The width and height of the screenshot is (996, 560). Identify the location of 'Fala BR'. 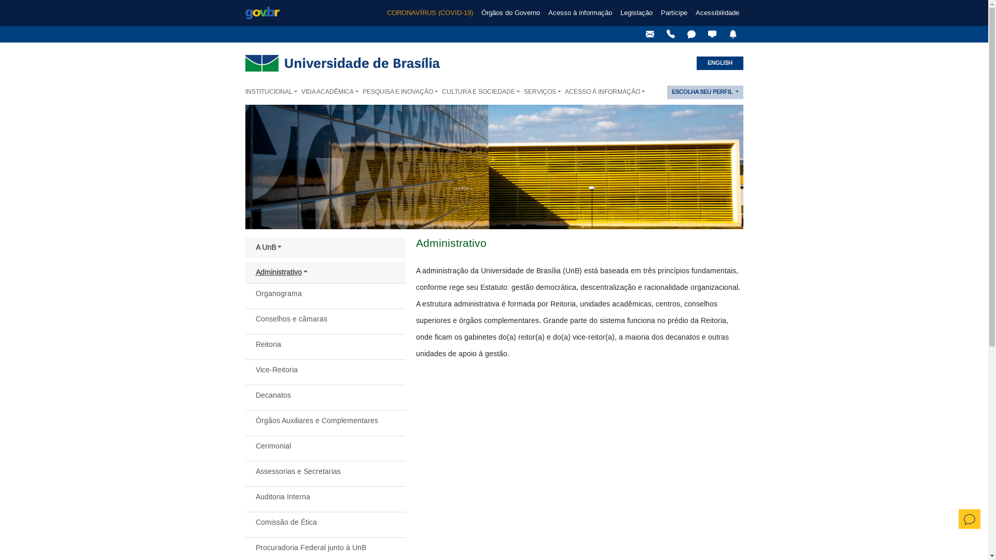
(682, 33).